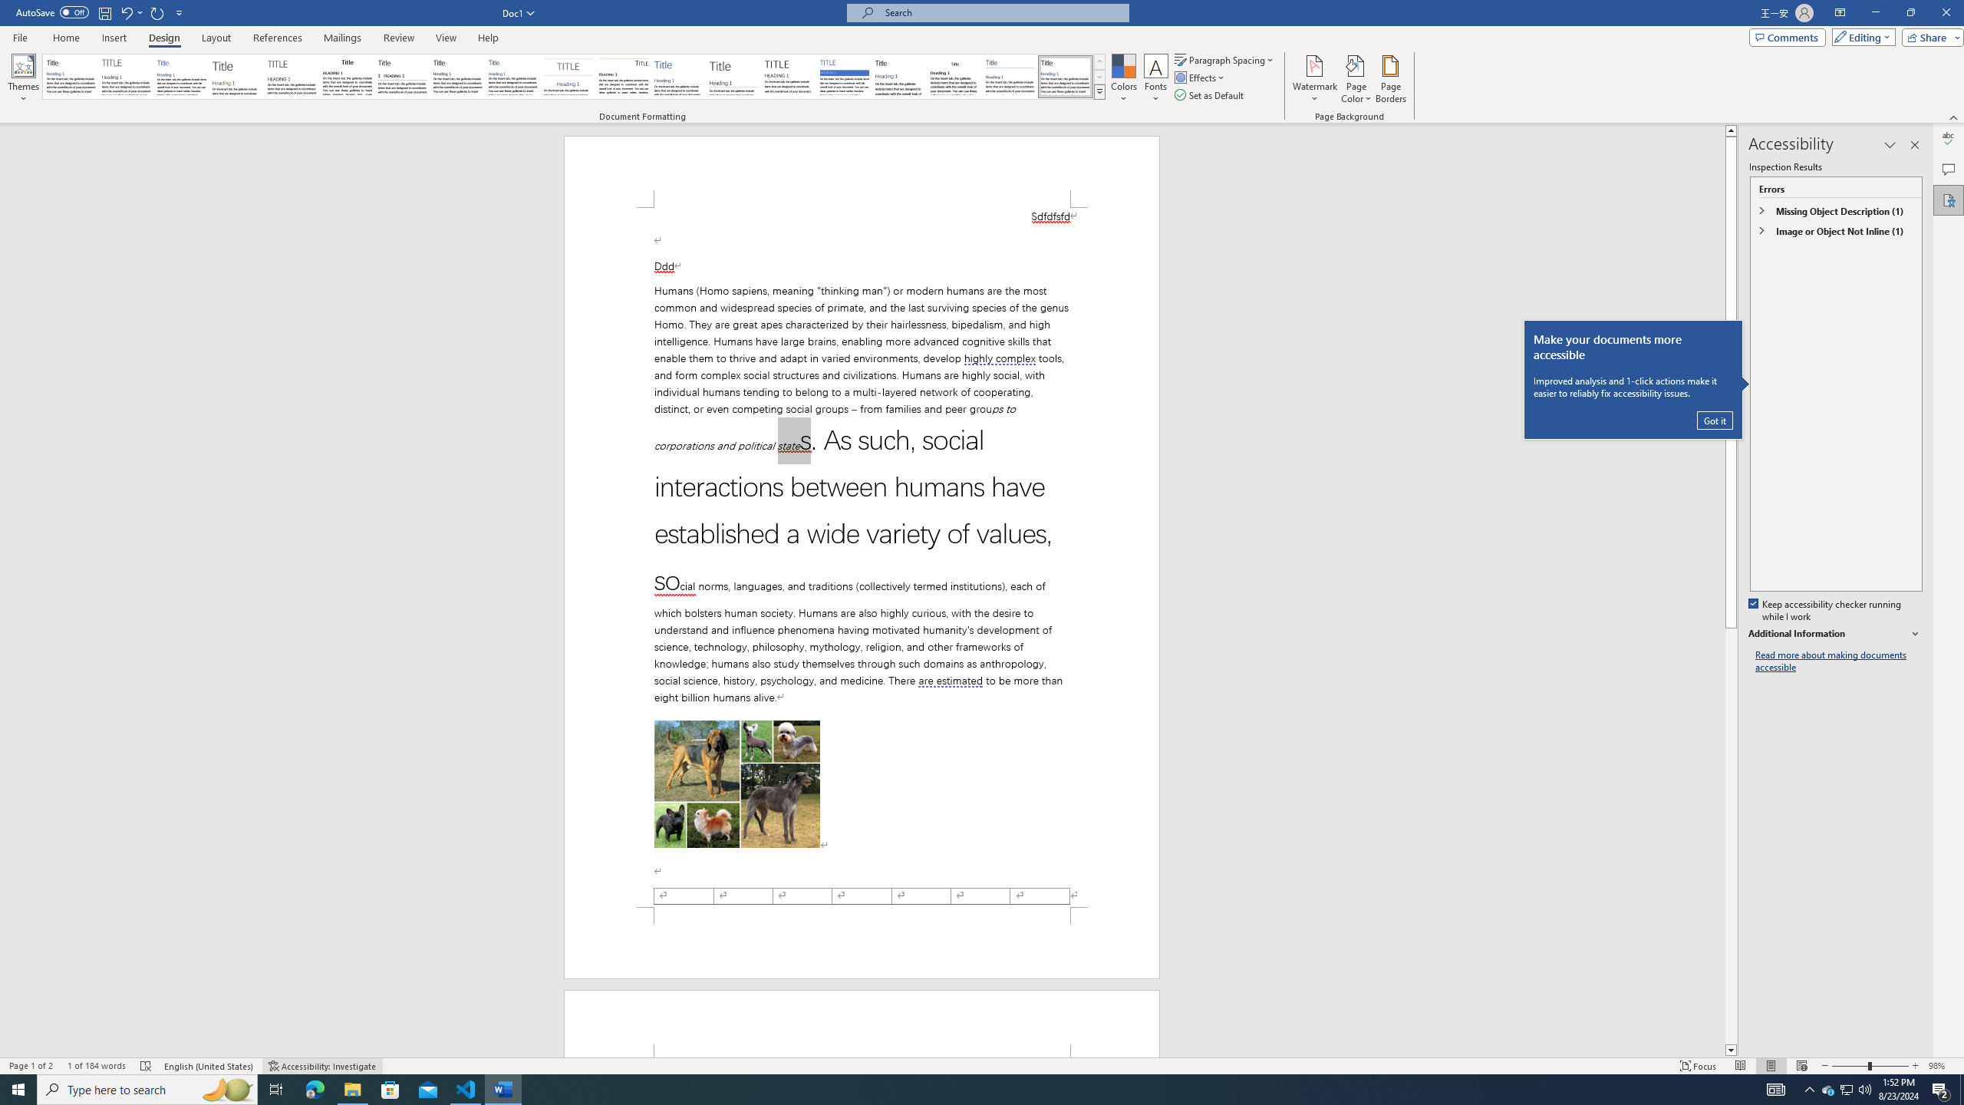  I want to click on 'Word 2013', so click(1066, 76).